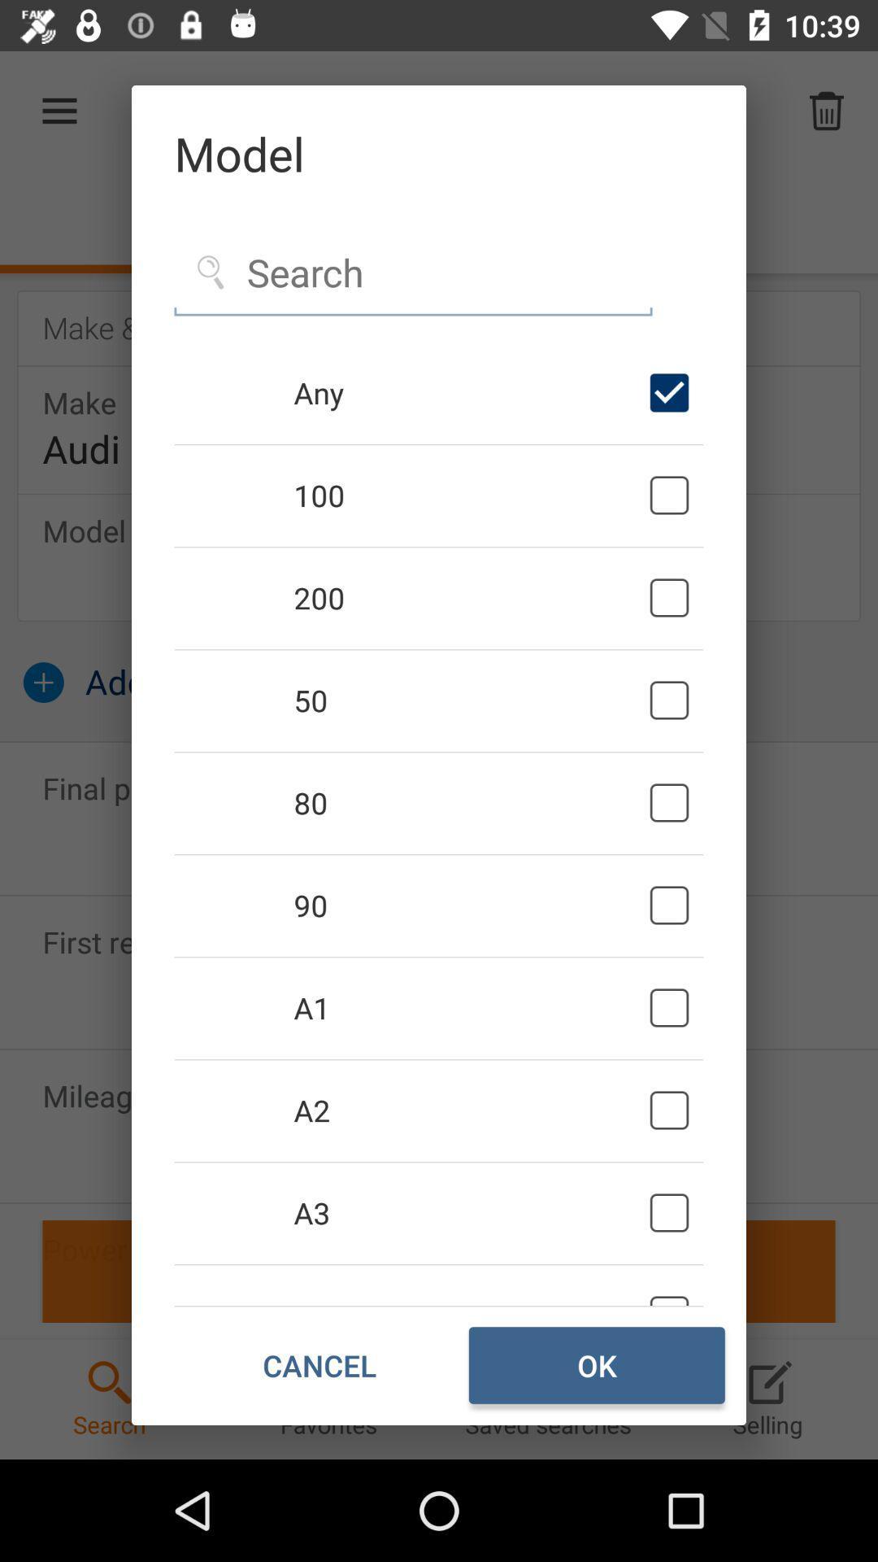  Describe the element at coordinates (468, 393) in the screenshot. I see `the any icon` at that location.